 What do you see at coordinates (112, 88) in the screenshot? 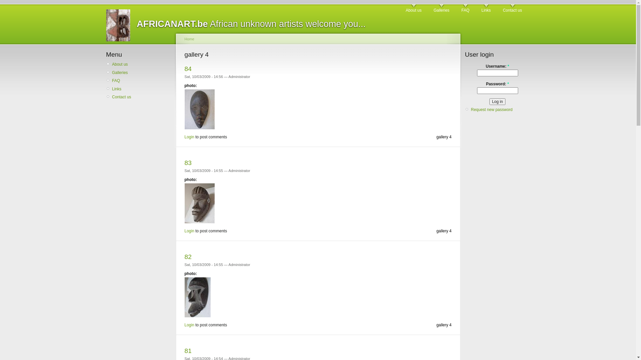
I see `'Links'` at bounding box center [112, 88].